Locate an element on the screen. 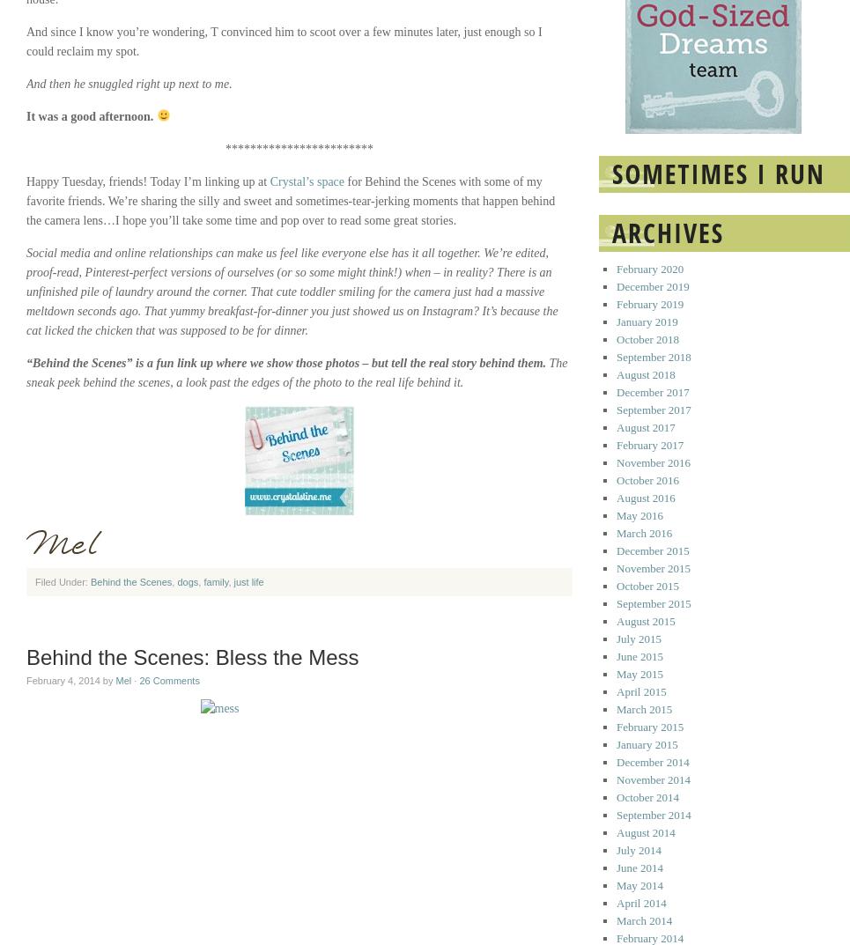 The height and width of the screenshot is (945, 850). 'August 2017' is located at coordinates (646, 426).